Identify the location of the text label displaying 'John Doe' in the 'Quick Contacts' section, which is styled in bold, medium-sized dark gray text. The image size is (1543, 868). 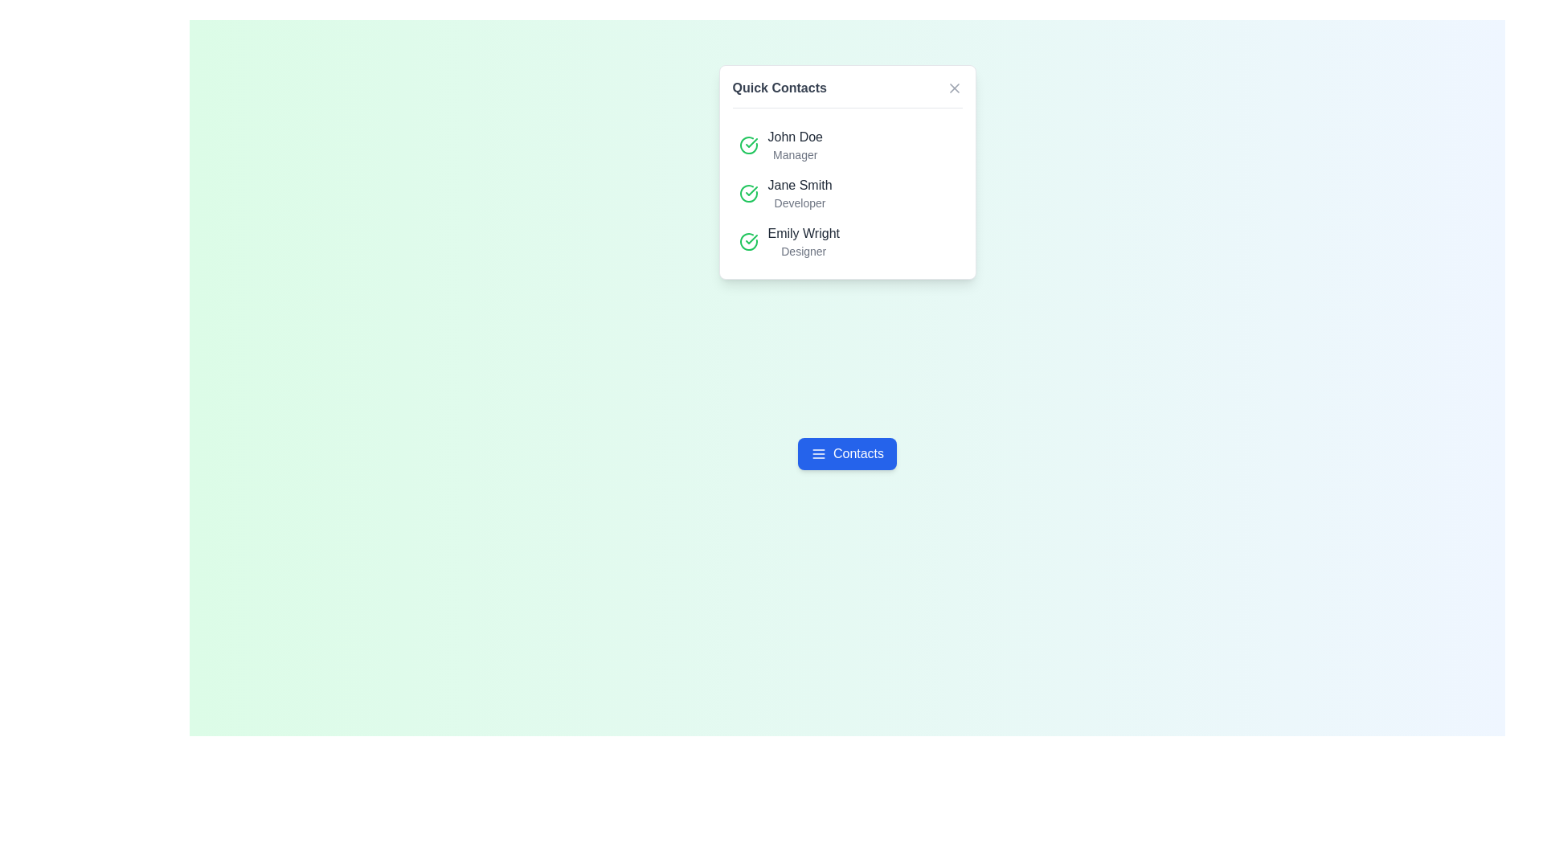
(795, 136).